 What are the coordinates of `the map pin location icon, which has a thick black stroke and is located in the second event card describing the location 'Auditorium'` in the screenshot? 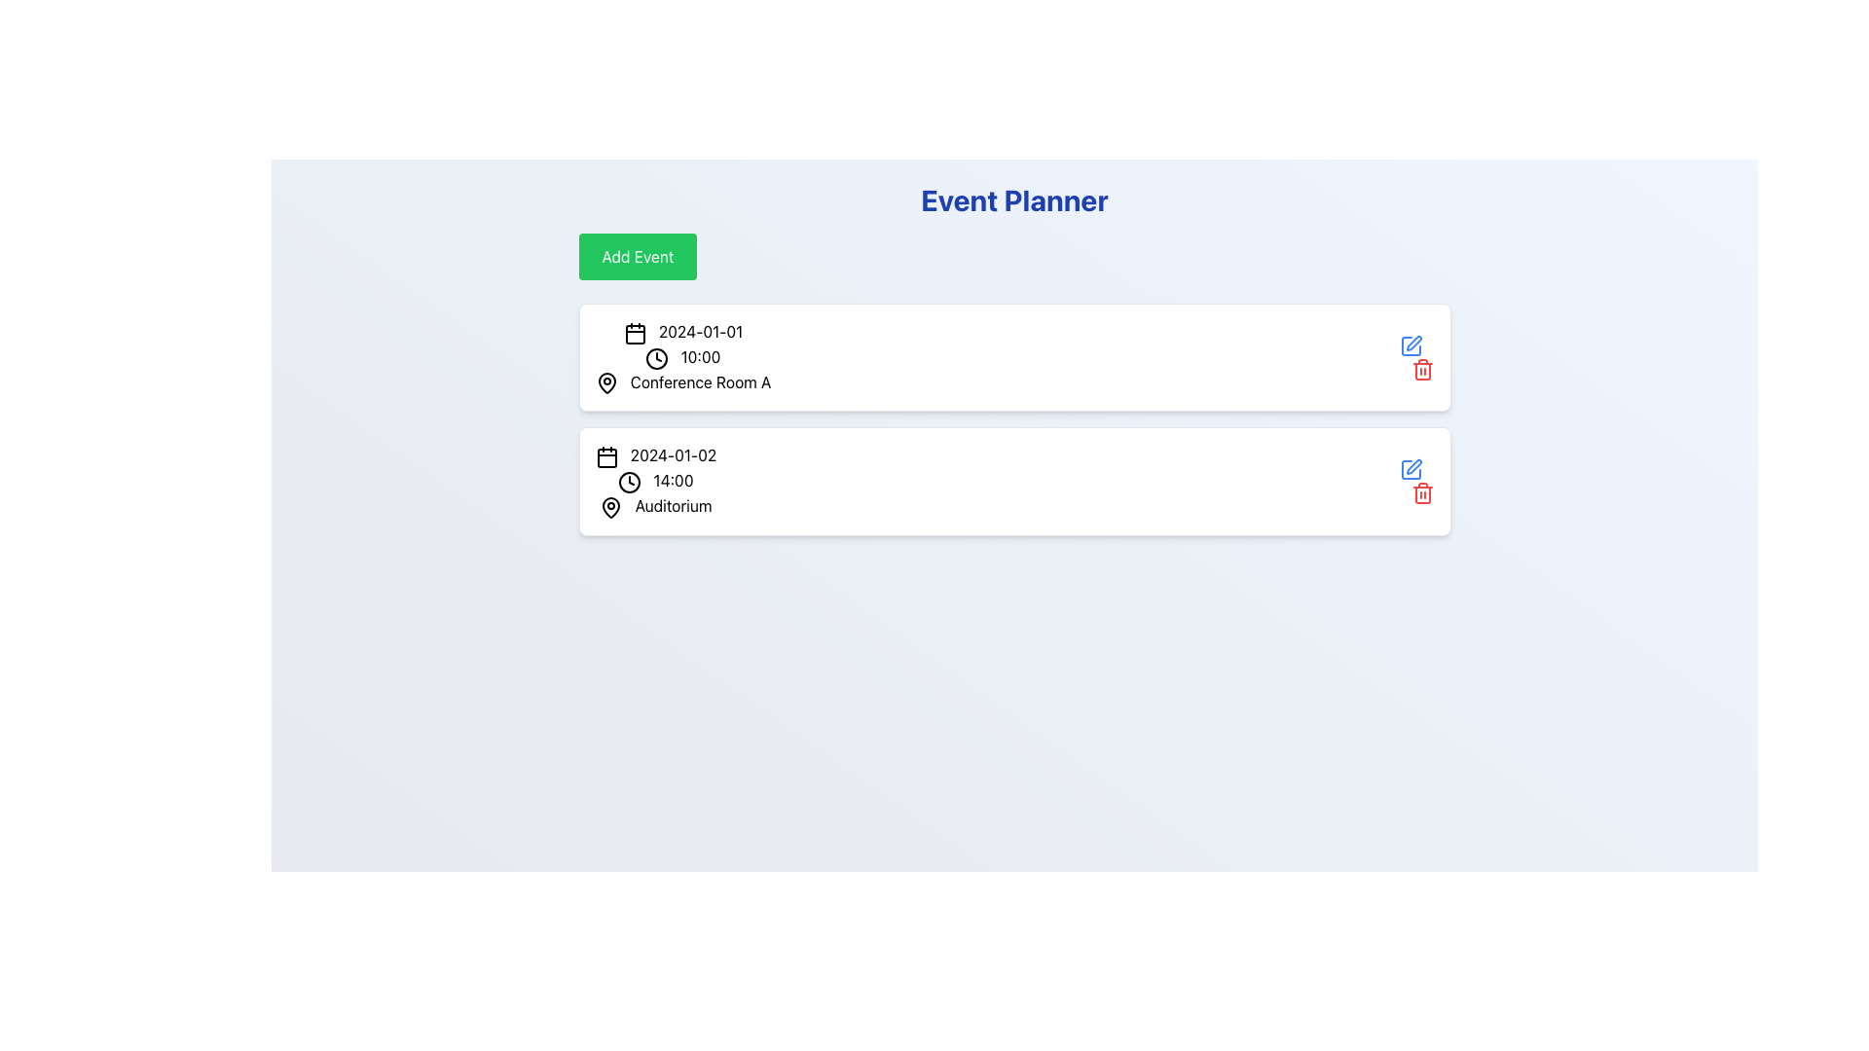 It's located at (610, 506).